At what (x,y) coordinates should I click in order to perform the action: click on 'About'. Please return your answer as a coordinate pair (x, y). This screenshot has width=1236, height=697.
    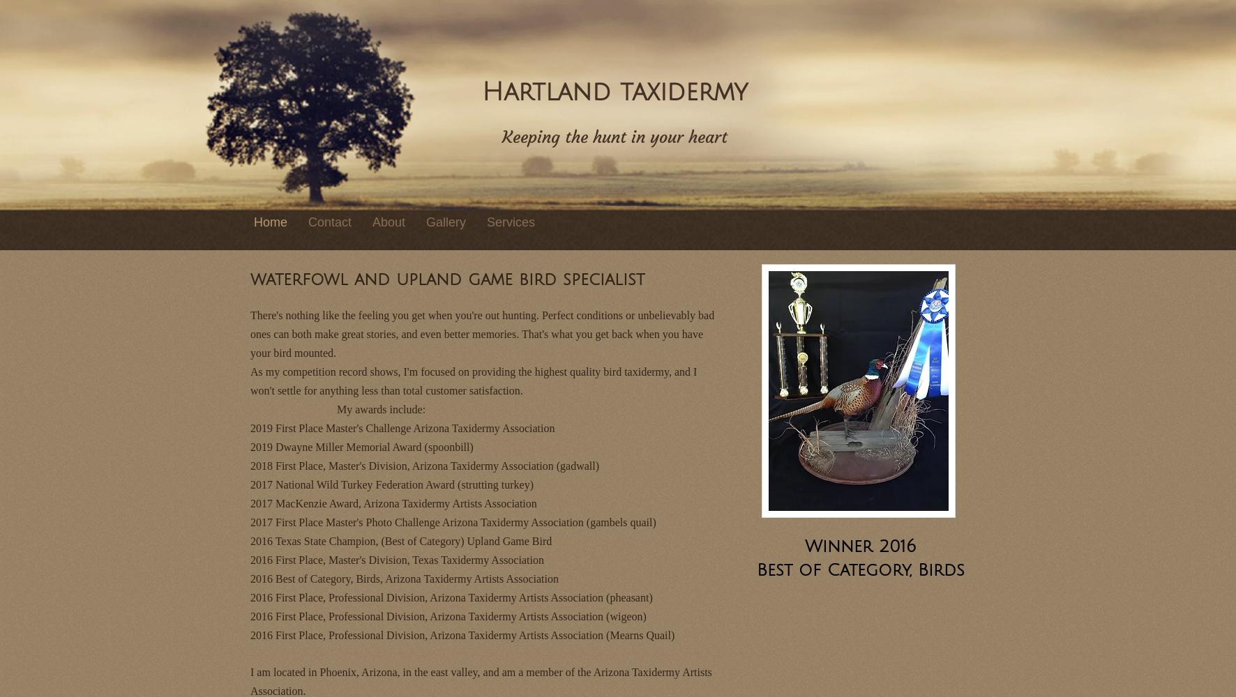
    Looking at the image, I should click on (388, 222).